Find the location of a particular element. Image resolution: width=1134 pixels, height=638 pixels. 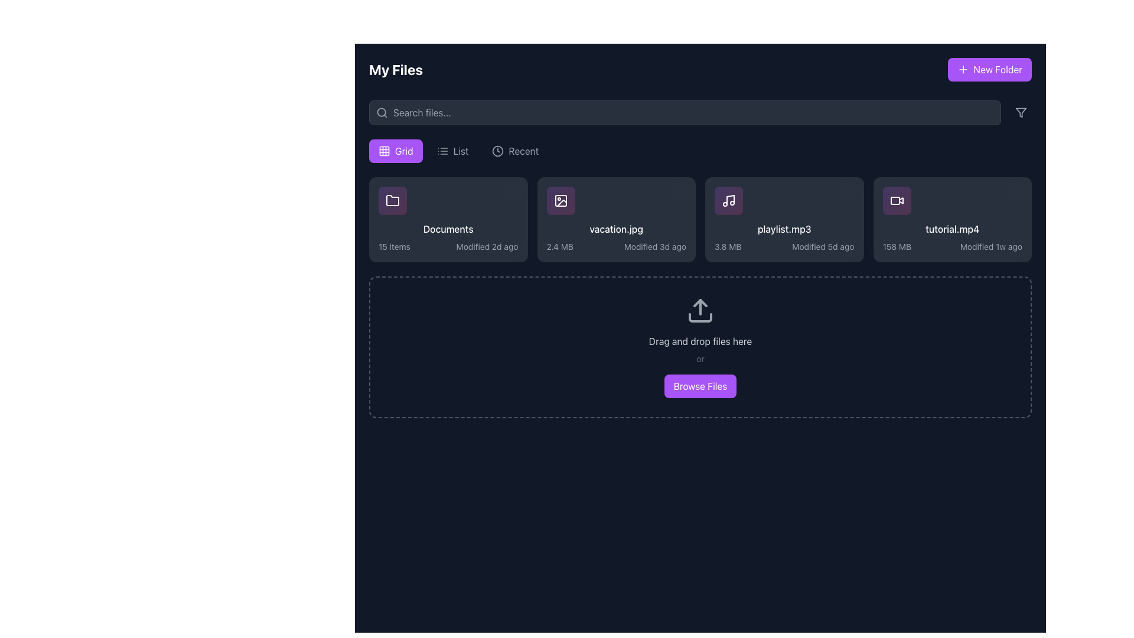

the SVG icon styled with a purple hue that depicts a '+' sign, which is the leading icon within the 'New Folder' button located in the top-right corner of the page is located at coordinates (963, 70).